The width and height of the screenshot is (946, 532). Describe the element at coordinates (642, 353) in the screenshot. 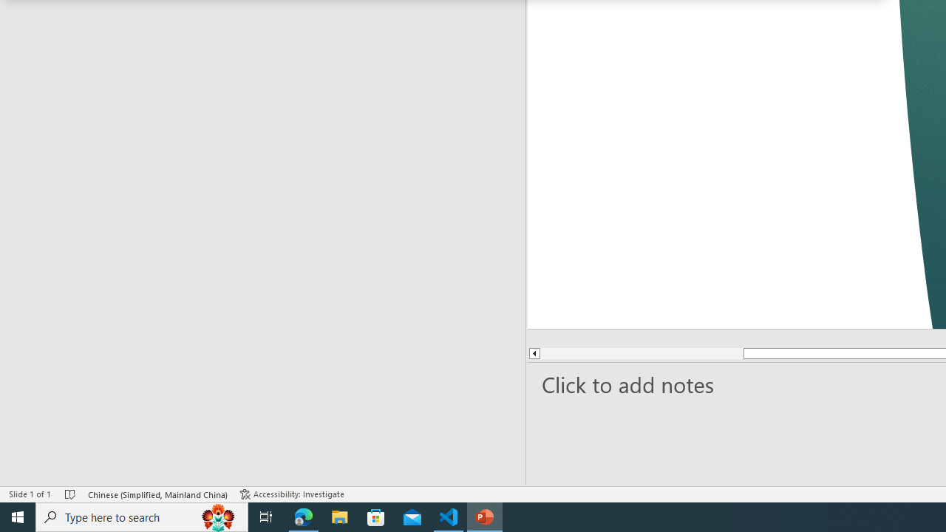

I see `'Page up'` at that location.